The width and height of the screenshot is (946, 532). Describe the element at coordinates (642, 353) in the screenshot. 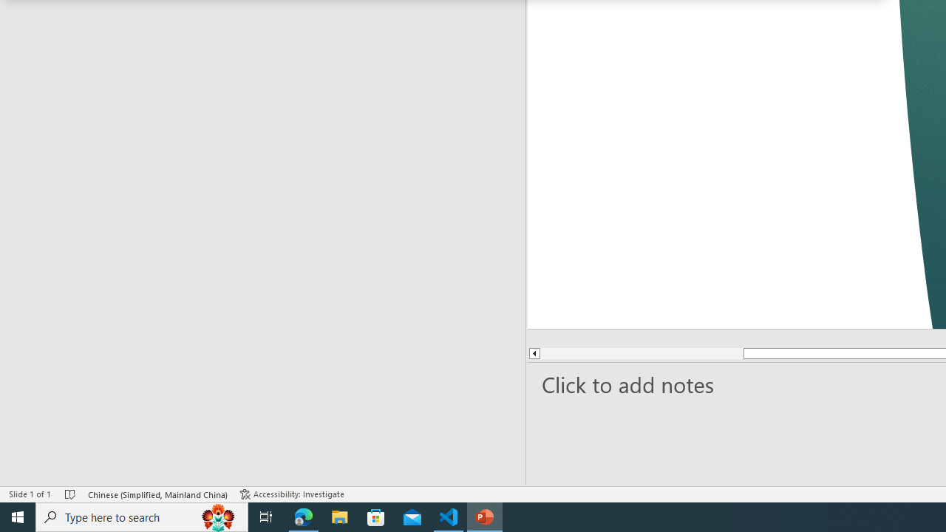

I see `'Page up'` at that location.